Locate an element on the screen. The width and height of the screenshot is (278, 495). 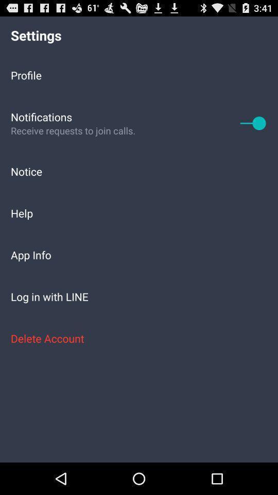
the item below profile app is located at coordinates (253, 123).